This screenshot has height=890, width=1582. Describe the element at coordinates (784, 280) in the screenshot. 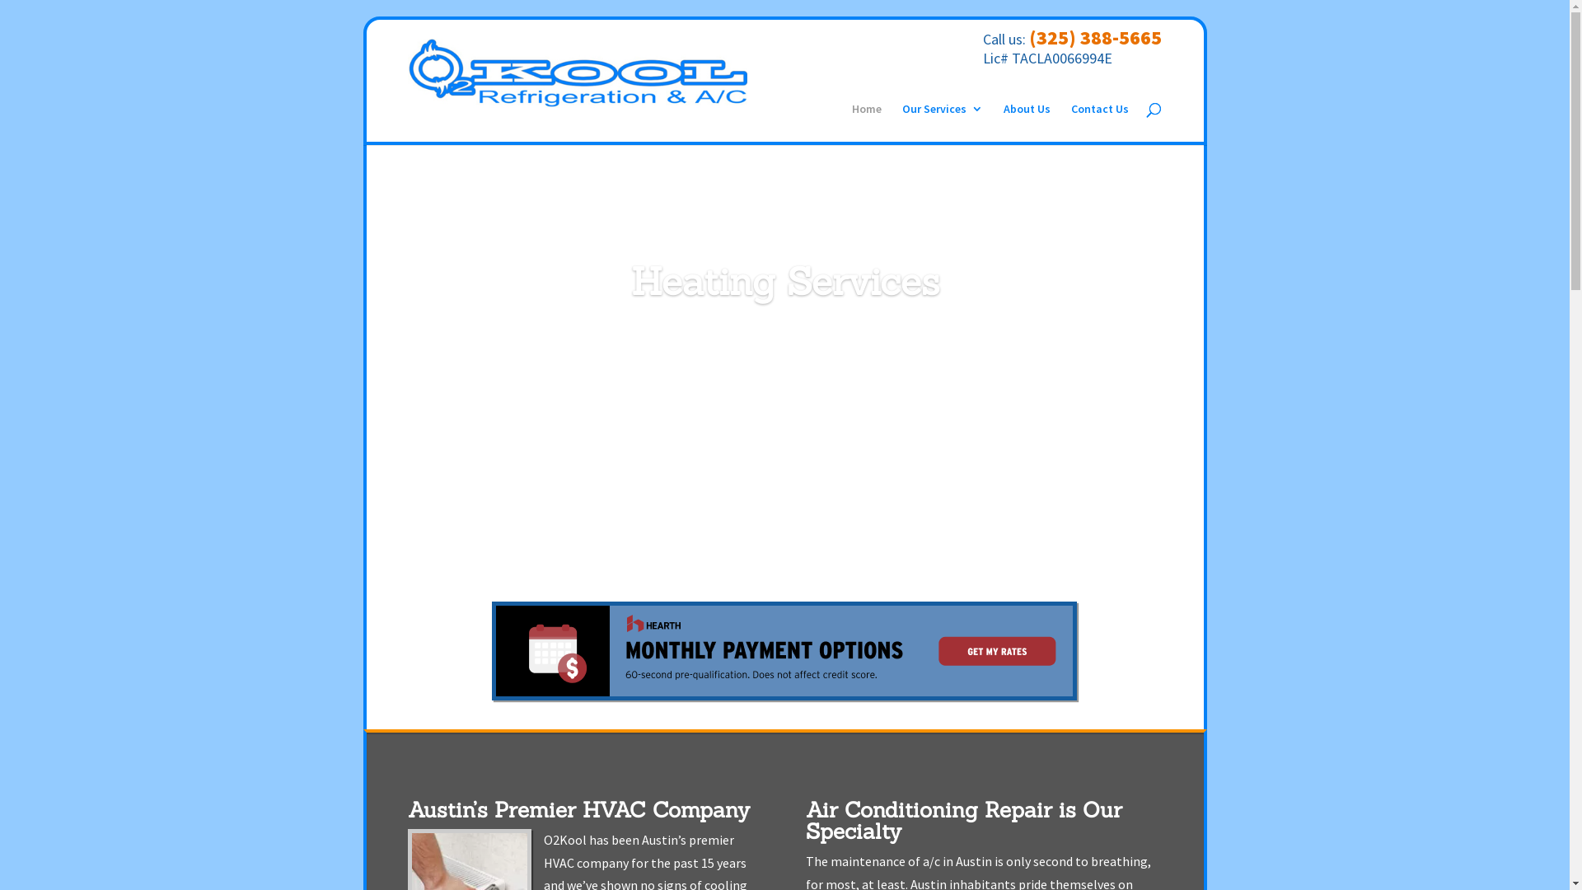

I see `'Heating Services'` at that location.